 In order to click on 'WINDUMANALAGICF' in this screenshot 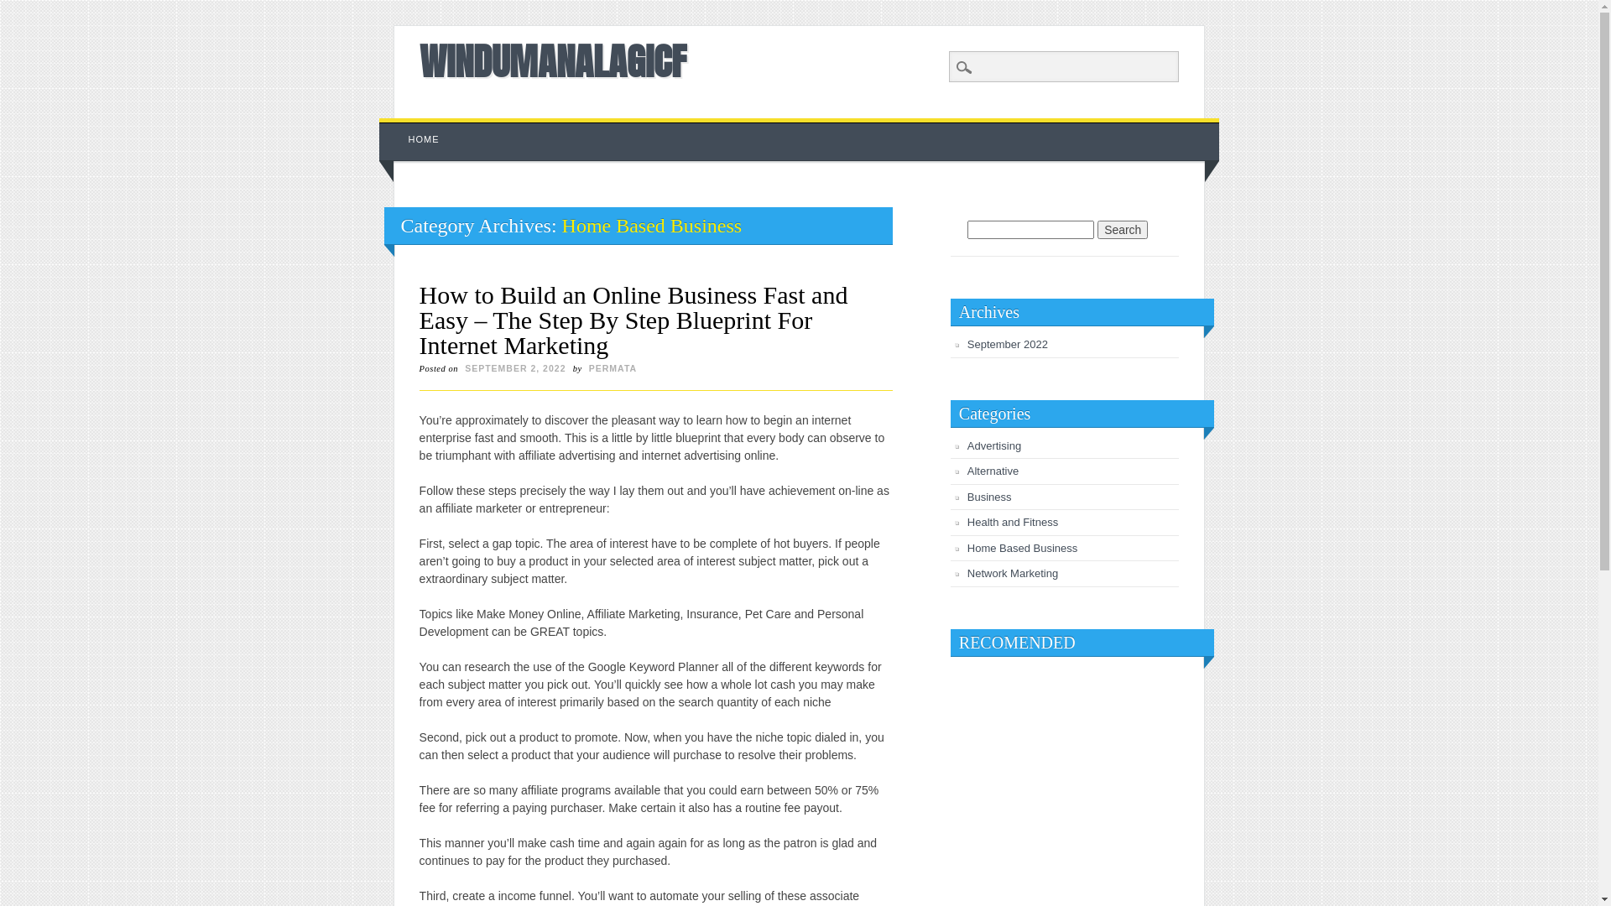, I will do `click(552, 60)`.